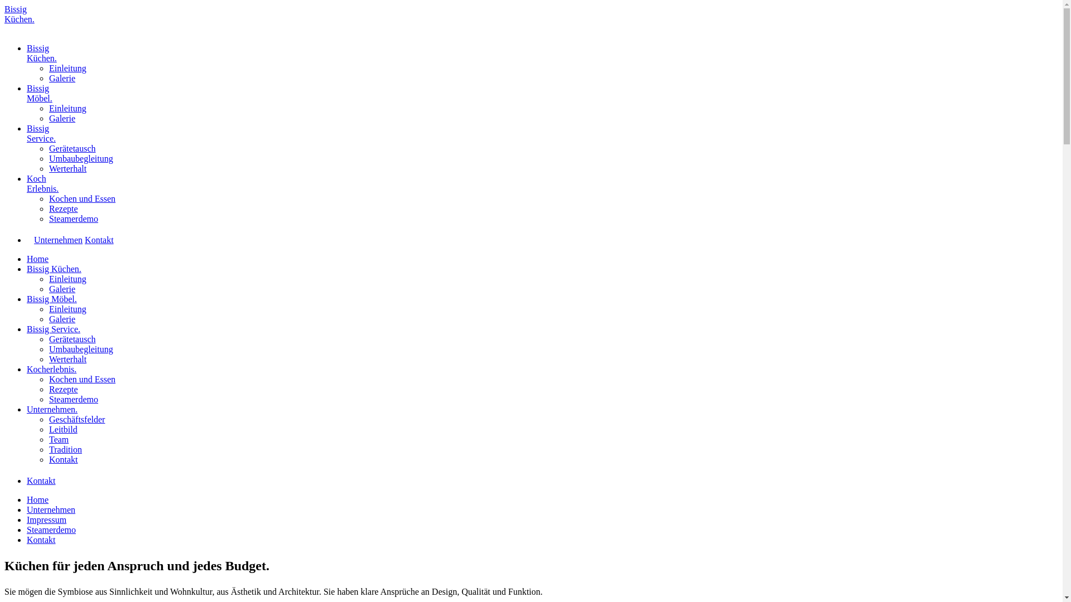  Describe the element at coordinates (67, 68) in the screenshot. I see `'Einleitung'` at that location.